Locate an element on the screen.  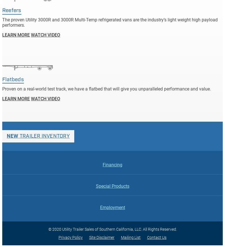
'New' is located at coordinates (12, 135).